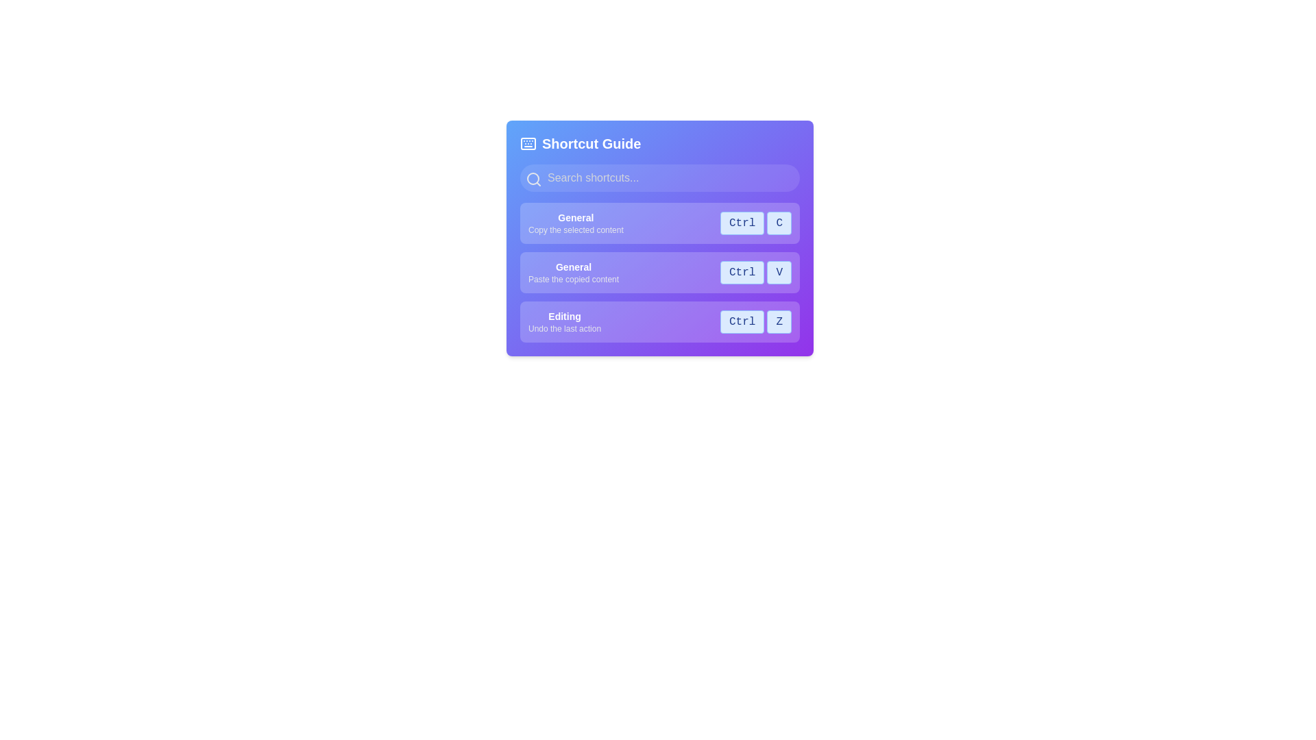 The image size is (1316, 740). What do you see at coordinates (533, 179) in the screenshot?
I see `the search icon located in the upper left corner of the search input field within the purple-themed 'Shortcut Guide' UI section for interactive functionality` at bounding box center [533, 179].